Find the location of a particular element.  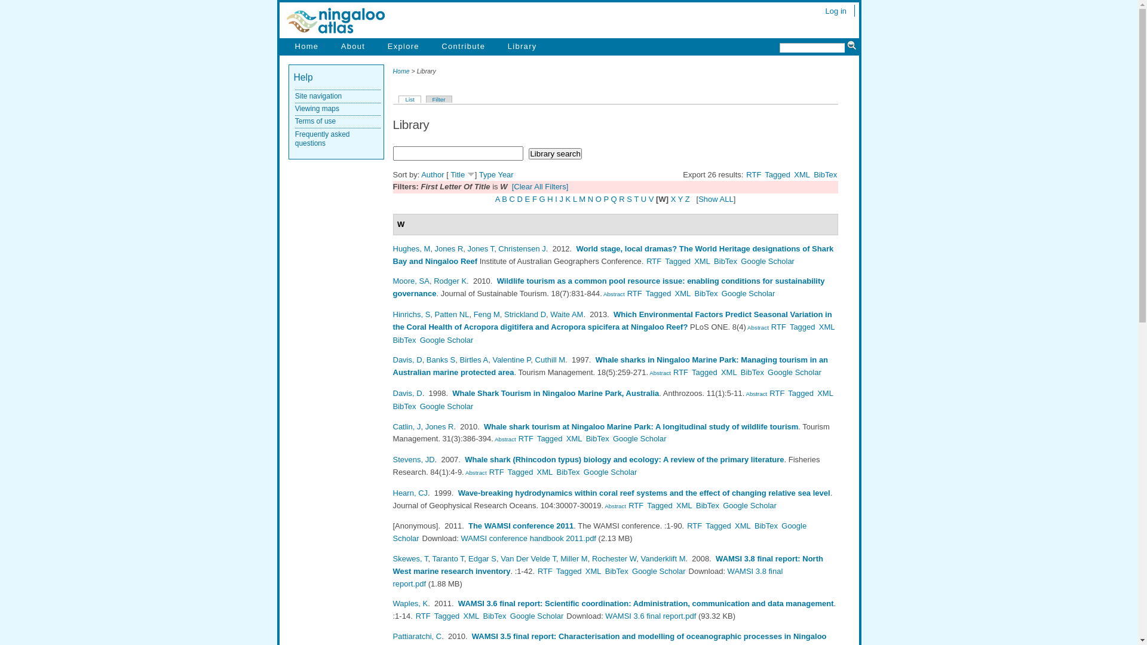

'Vanderklift M' is located at coordinates (663, 558).